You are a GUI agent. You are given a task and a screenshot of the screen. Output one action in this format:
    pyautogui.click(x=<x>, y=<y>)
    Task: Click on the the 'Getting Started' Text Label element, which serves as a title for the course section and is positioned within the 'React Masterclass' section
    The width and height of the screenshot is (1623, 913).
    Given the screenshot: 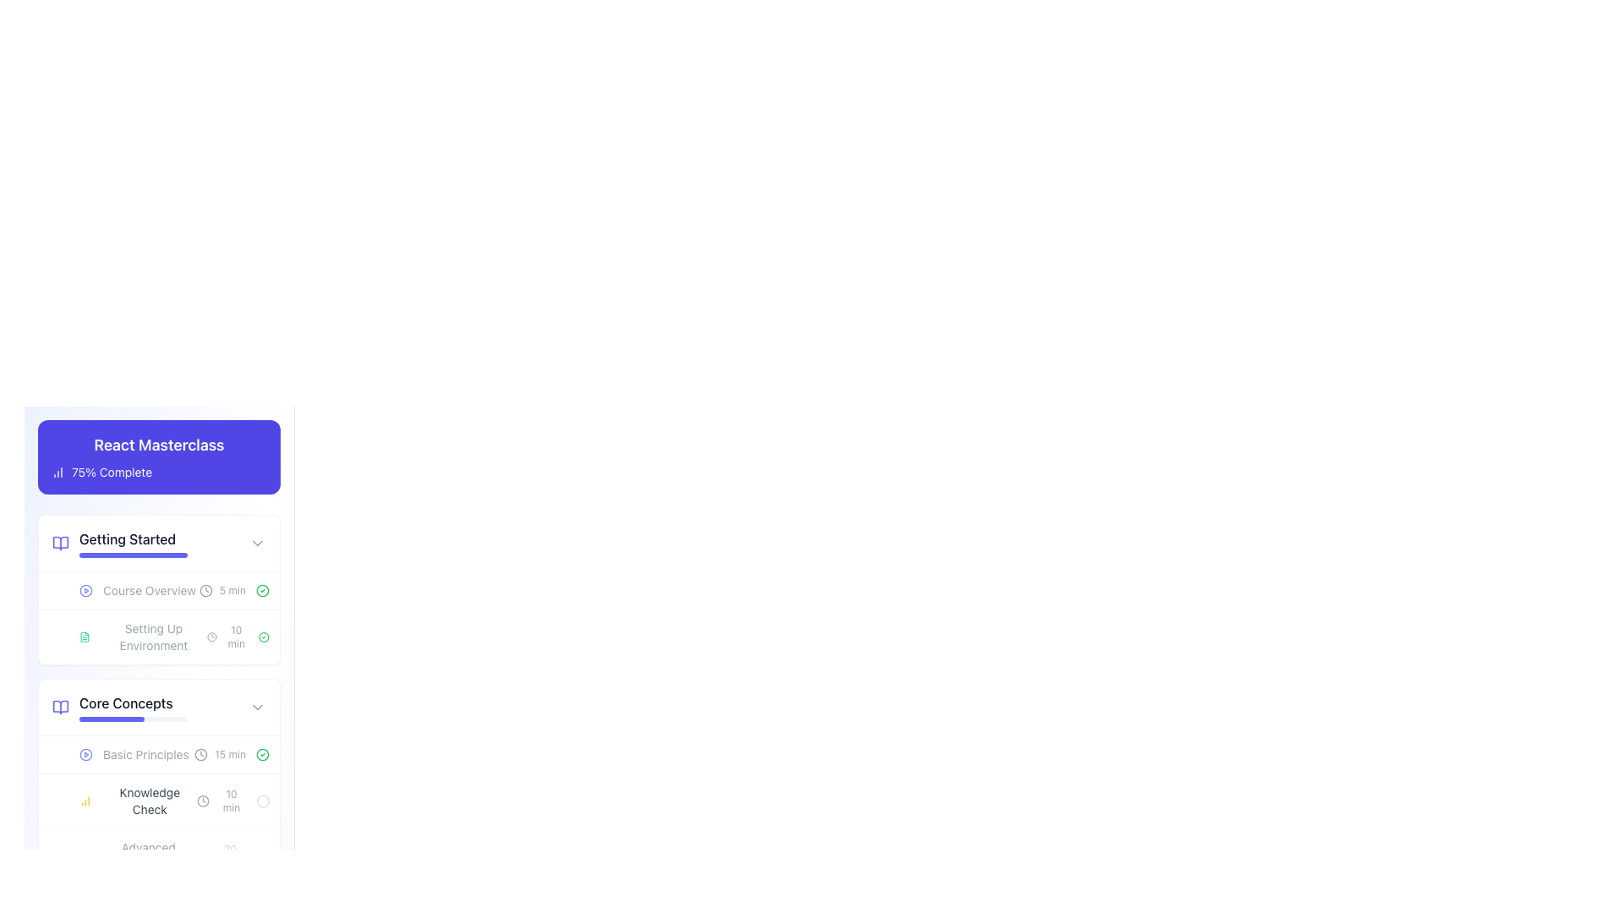 What is the action you would take?
    pyautogui.click(x=133, y=544)
    